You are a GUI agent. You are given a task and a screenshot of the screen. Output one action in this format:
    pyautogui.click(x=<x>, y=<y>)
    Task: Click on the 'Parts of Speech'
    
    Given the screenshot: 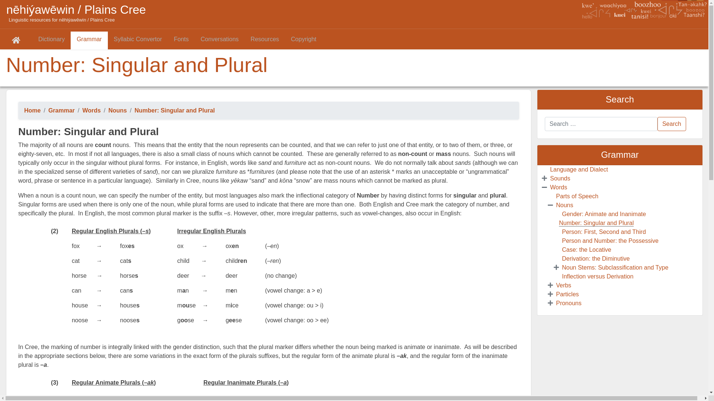 What is the action you would take?
    pyautogui.click(x=576, y=196)
    